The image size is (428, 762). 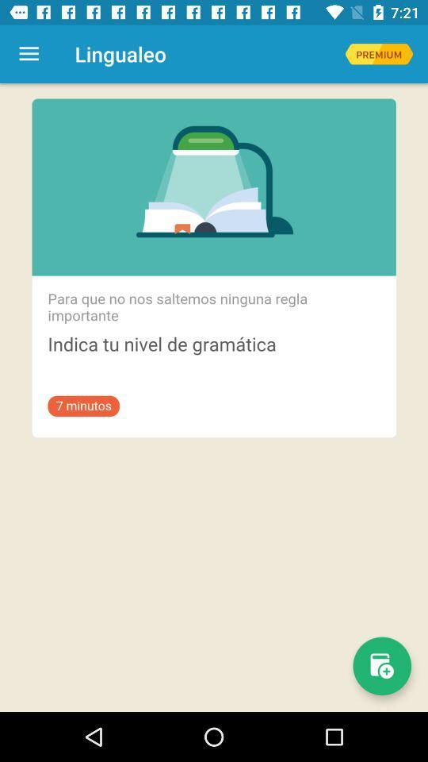 What do you see at coordinates (378, 54) in the screenshot?
I see `the premium option` at bounding box center [378, 54].